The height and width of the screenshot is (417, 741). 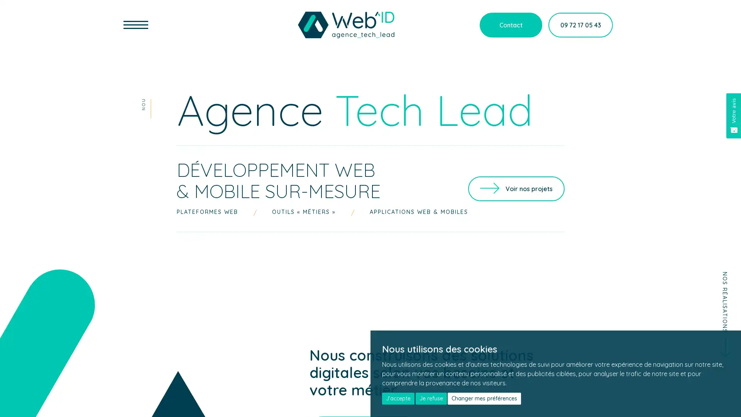 What do you see at coordinates (430, 398) in the screenshot?
I see `Je refuse` at bounding box center [430, 398].